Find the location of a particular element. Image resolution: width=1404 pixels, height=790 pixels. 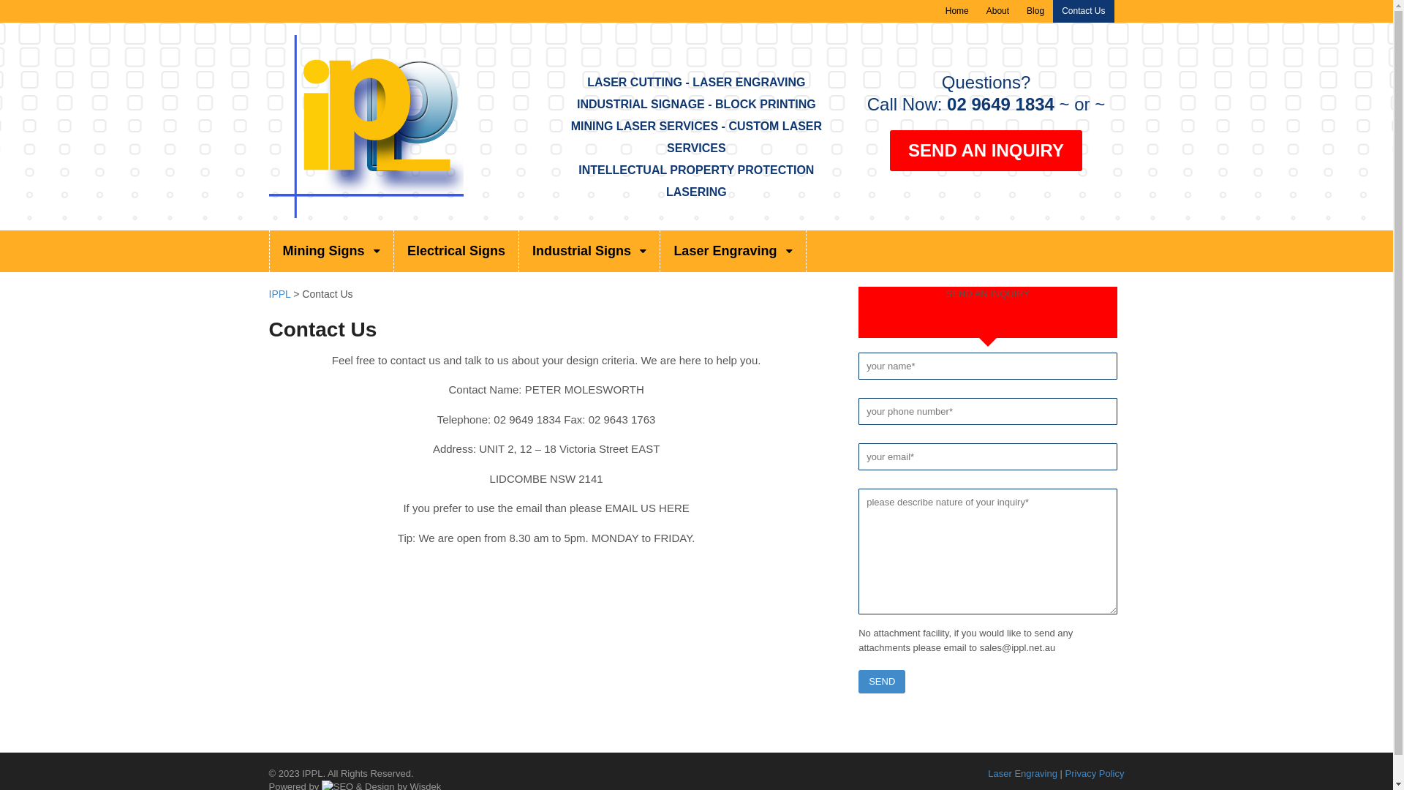

'Home' is located at coordinates (937, 11).